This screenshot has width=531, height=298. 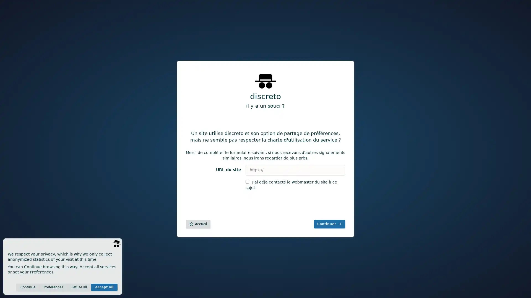 What do you see at coordinates (109, 289) in the screenshot?
I see `Save` at bounding box center [109, 289].